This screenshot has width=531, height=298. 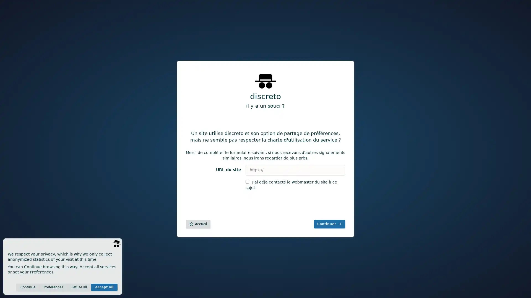 What do you see at coordinates (109, 289) in the screenshot?
I see `Save` at bounding box center [109, 289].